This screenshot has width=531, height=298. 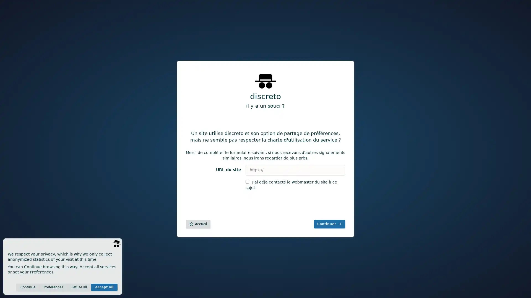 What do you see at coordinates (109, 289) in the screenshot?
I see `Save` at bounding box center [109, 289].